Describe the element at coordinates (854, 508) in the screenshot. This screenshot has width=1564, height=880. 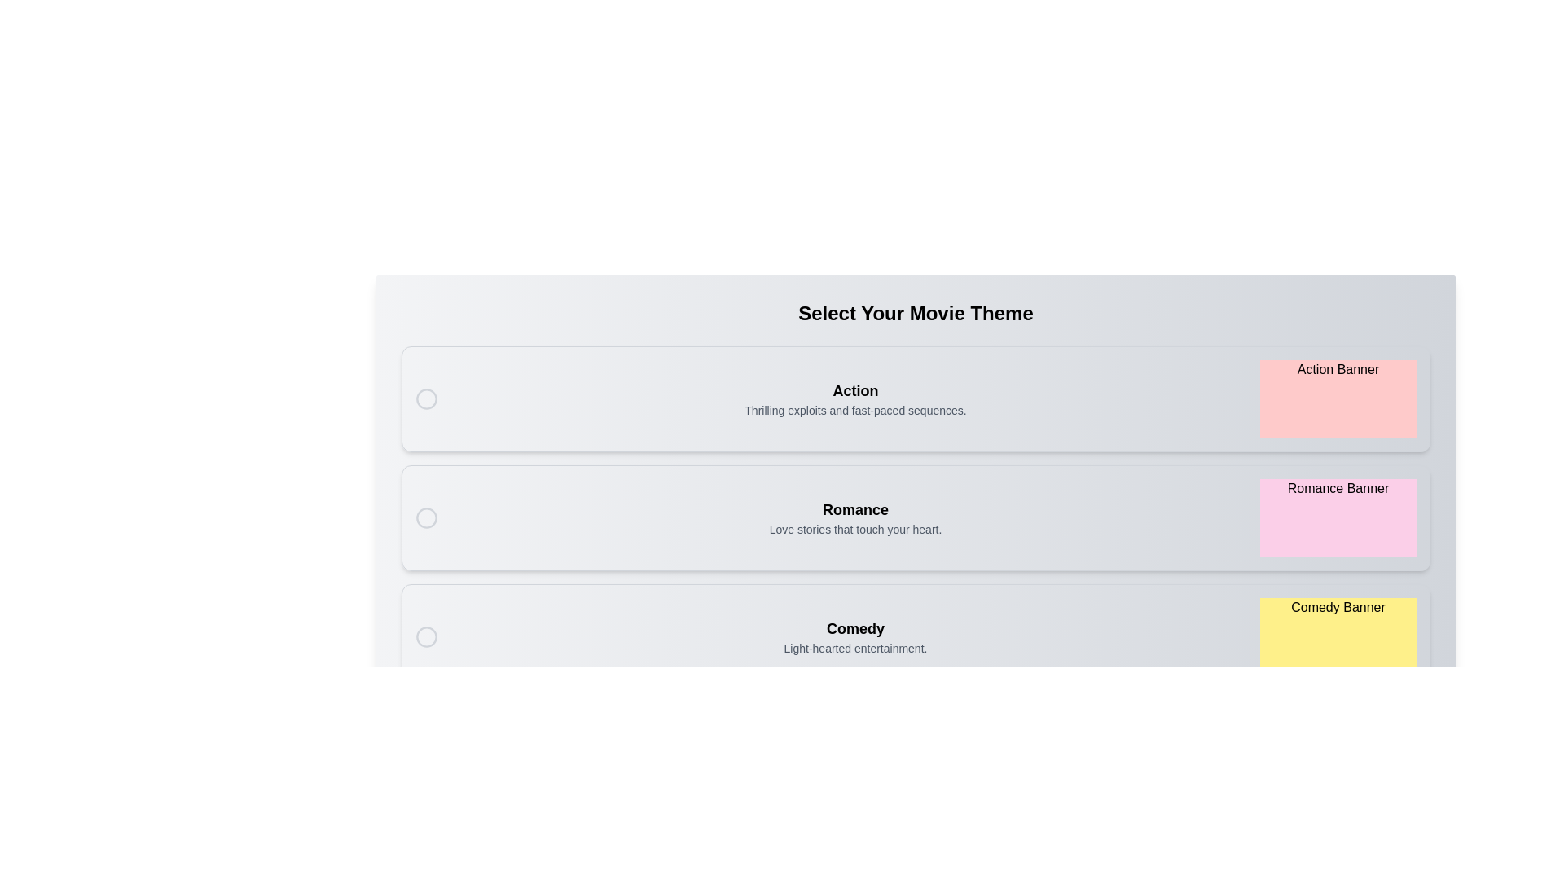
I see `text content of the category header label located above the description text 'Love stories that touch your heart.' in the vertical list of movie themes` at that location.